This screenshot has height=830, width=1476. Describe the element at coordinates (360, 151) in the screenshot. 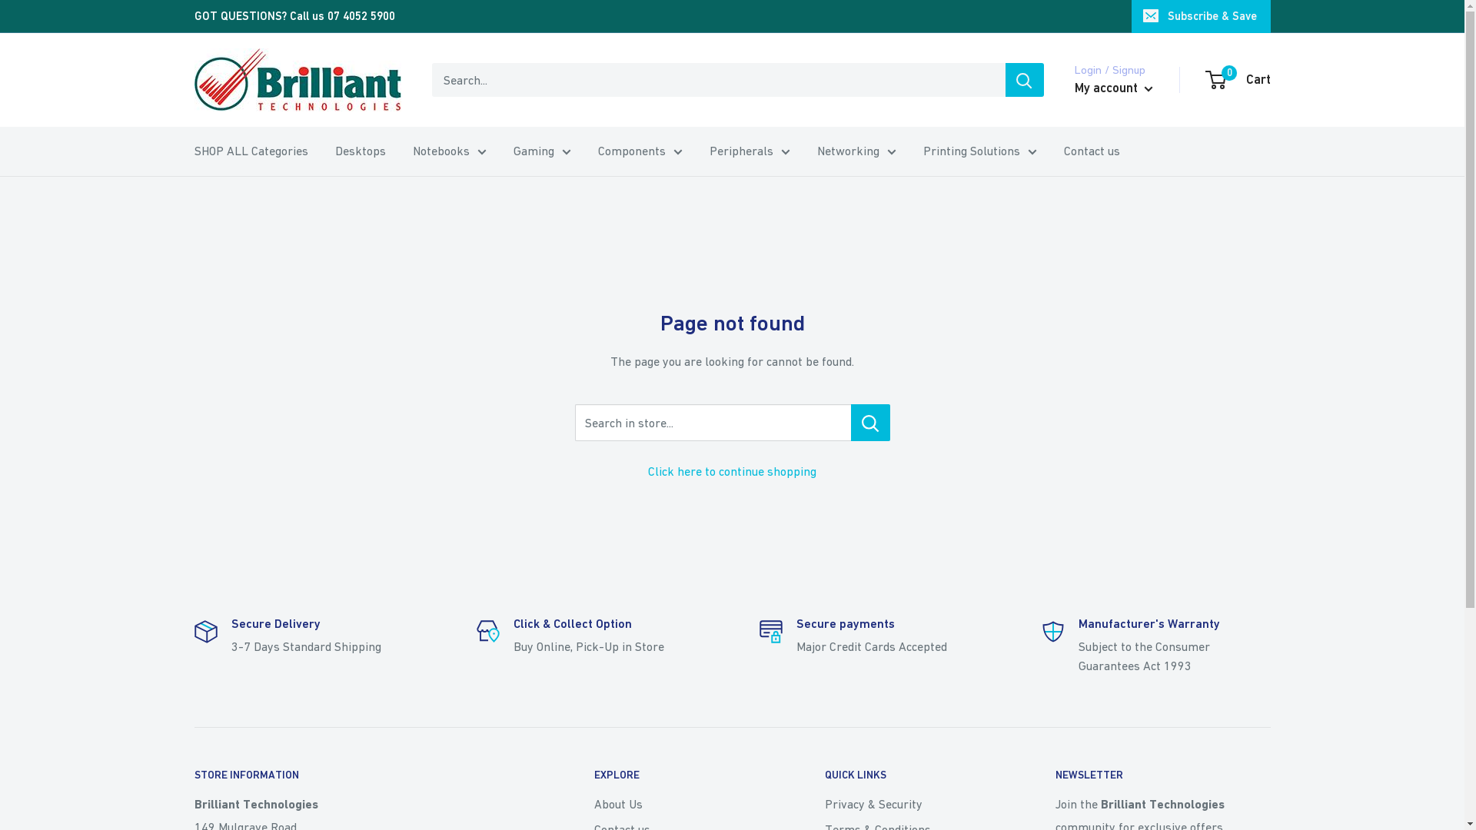

I see `'Desktops'` at that location.